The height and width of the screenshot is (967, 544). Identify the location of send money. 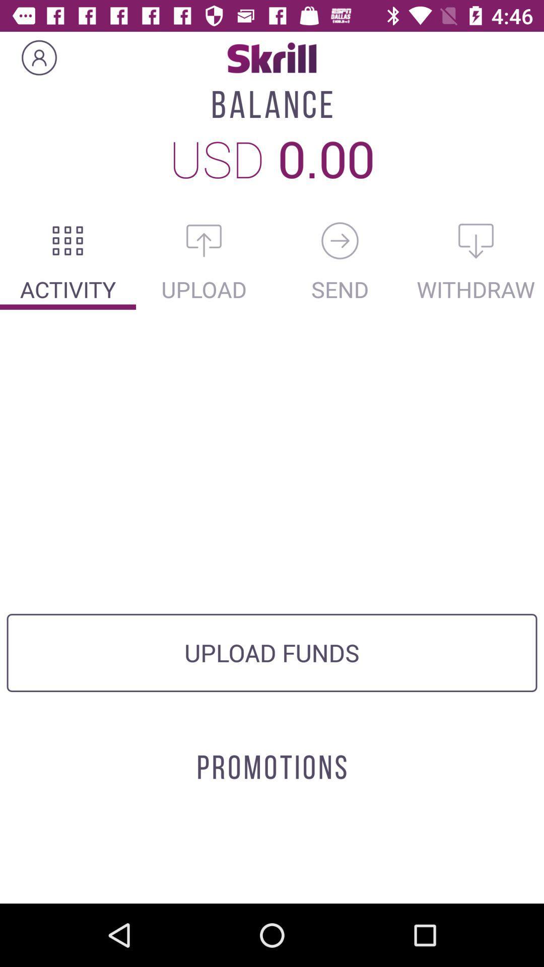
(340, 240).